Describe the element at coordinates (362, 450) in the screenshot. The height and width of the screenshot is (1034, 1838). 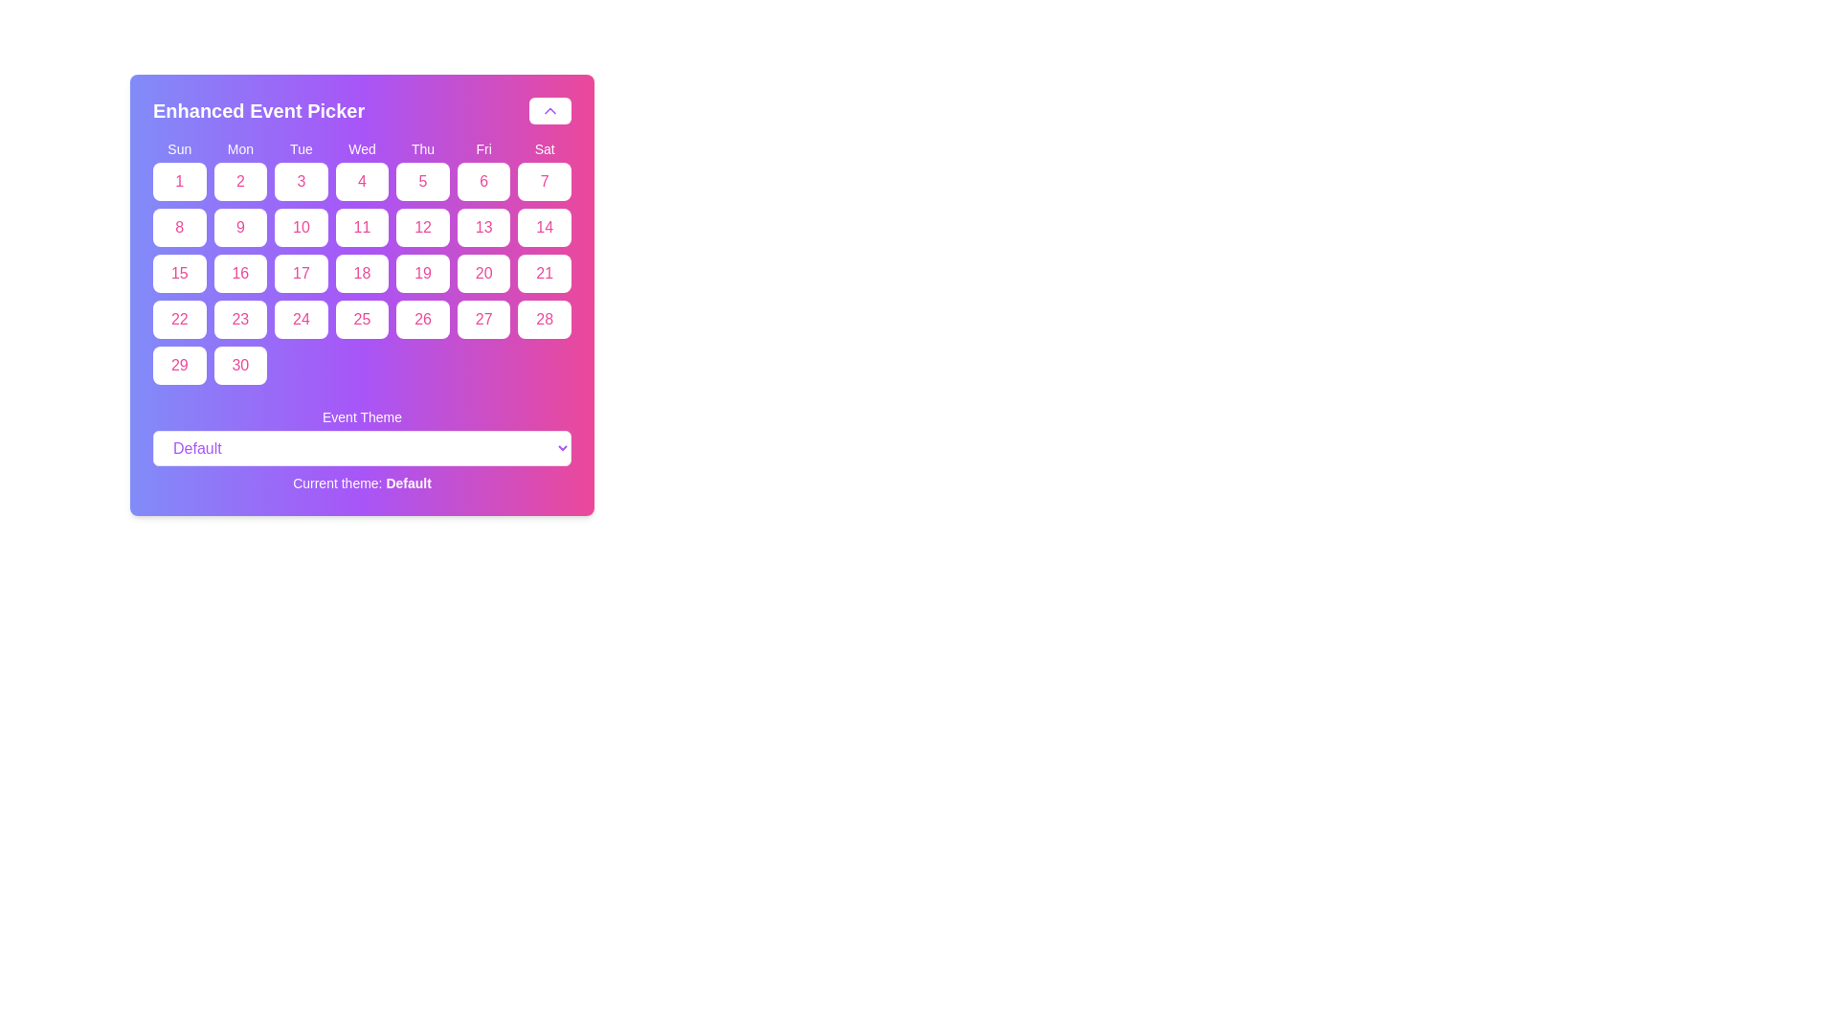
I see `the 'Event Theme' dropdown interface` at that location.